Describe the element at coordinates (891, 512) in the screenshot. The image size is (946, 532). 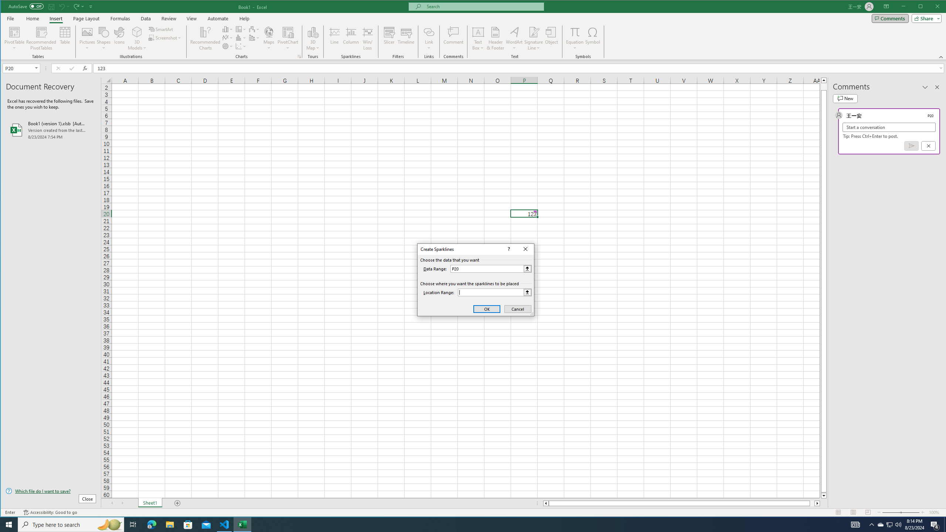
I see `'Zoom Out'` at that location.